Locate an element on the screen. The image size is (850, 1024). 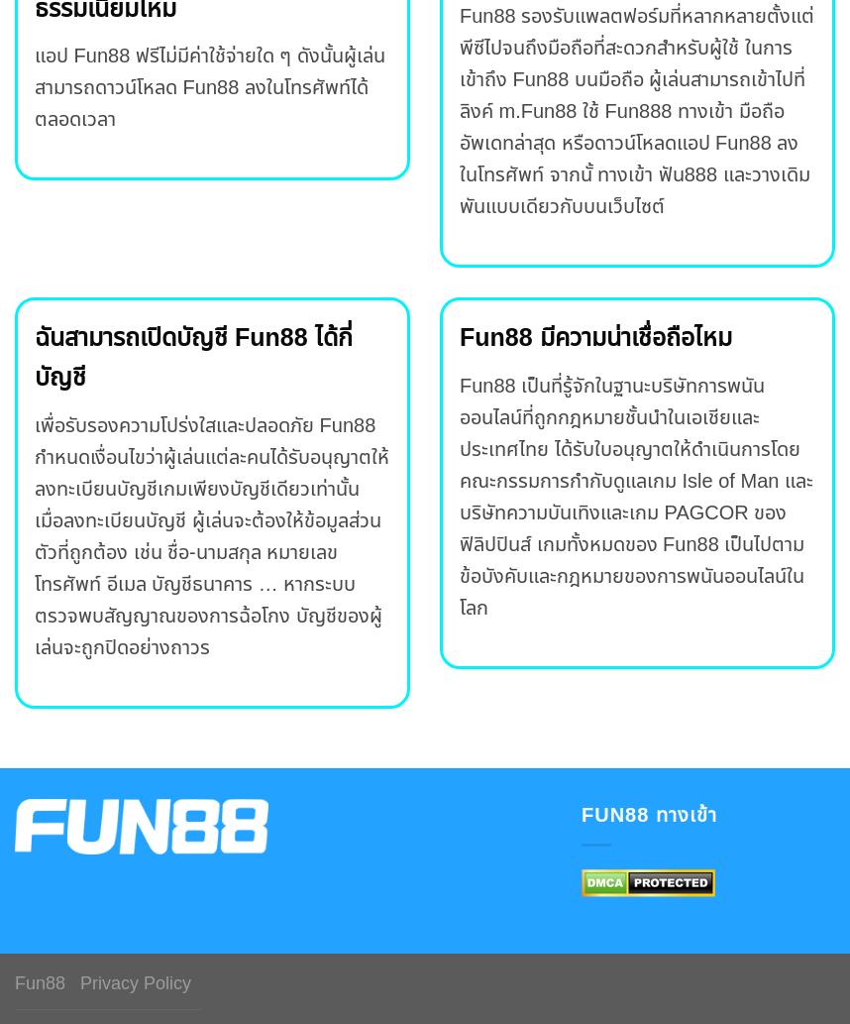
'm.Fun88' is located at coordinates (537, 110).